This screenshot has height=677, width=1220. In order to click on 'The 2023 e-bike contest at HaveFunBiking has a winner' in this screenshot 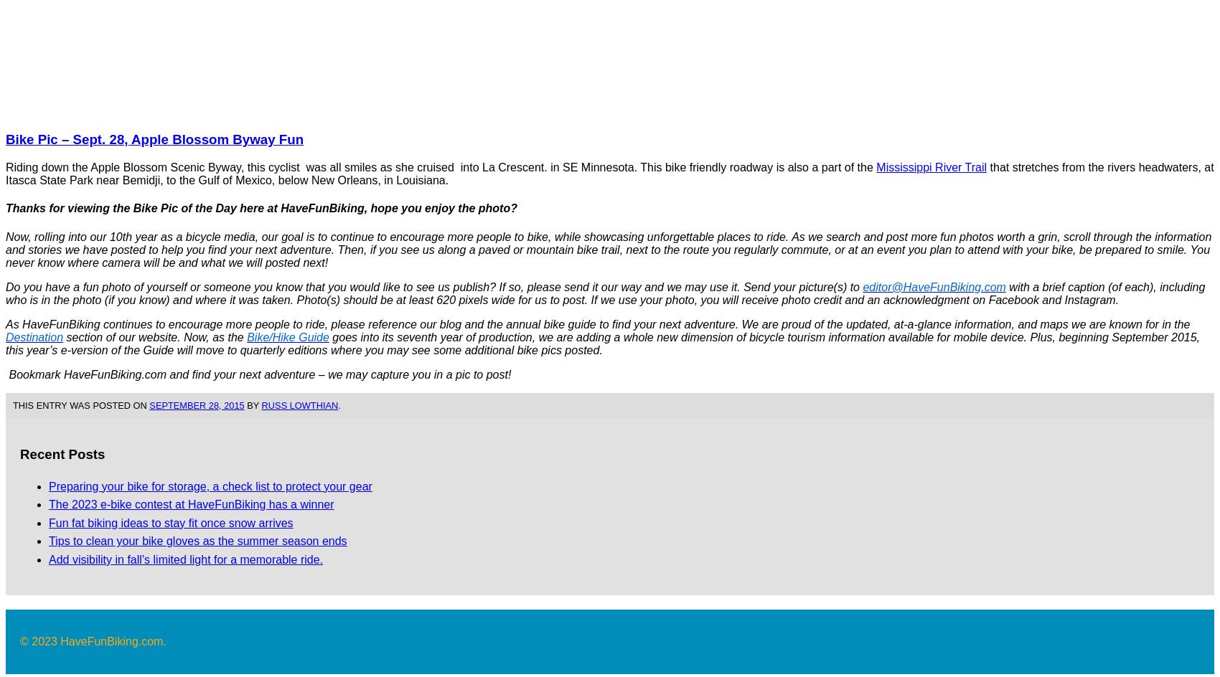, I will do `click(191, 503)`.